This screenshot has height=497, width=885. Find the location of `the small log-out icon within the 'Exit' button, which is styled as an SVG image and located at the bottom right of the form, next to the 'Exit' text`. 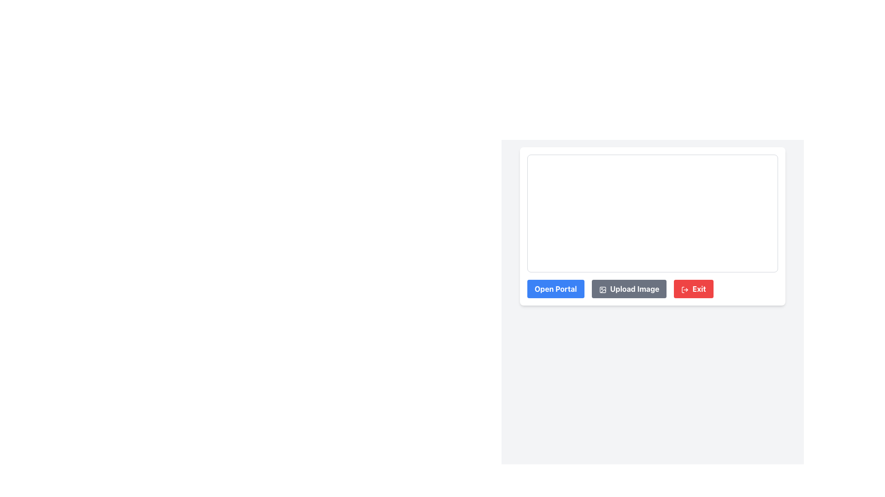

the small log-out icon within the 'Exit' button, which is styled as an SVG image and located at the bottom right of the form, next to the 'Exit' text is located at coordinates (685, 289).